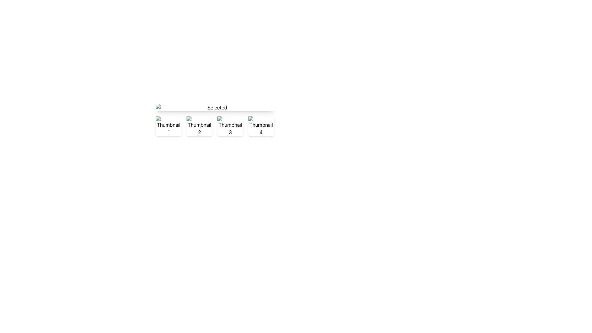 The width and height of the screenshot is (592, 333). Describe the element at coordinates (199, 125) in the screenshot. I see `the second interactive thumbnail` at that location.